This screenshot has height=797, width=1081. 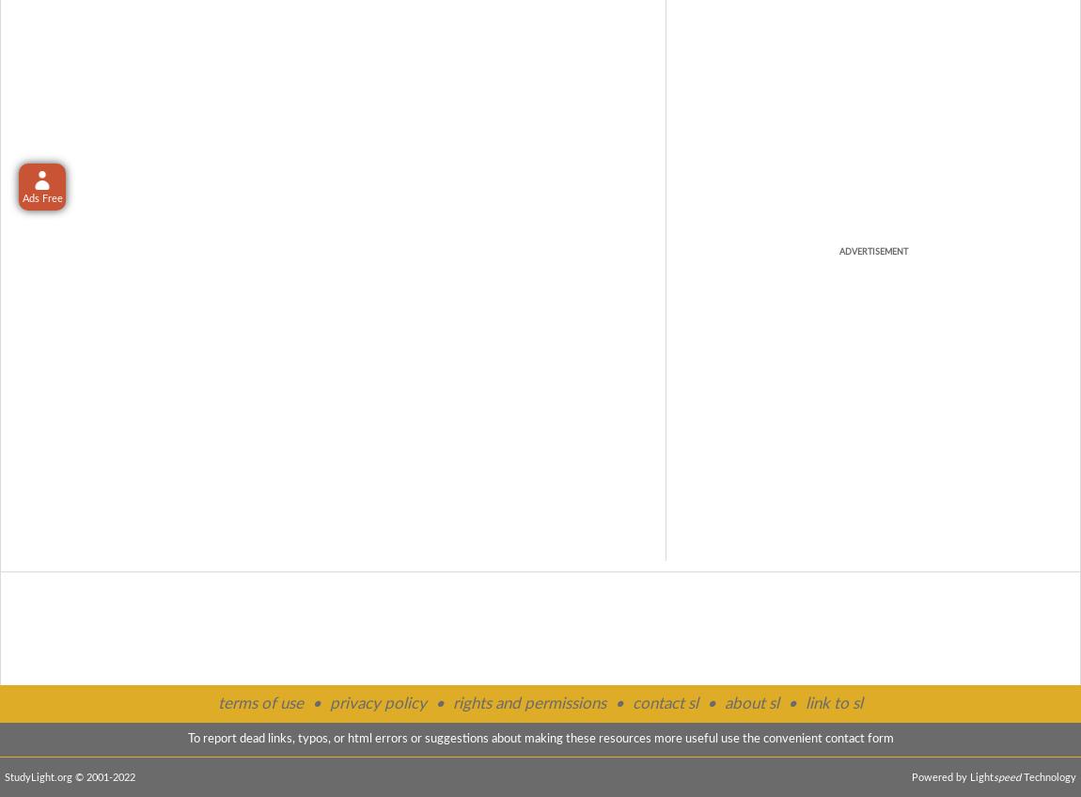 What do you see at coordinates (40, 198) in the screenshot?
I see `'Ads Free'` at bounding box center [40, 198].